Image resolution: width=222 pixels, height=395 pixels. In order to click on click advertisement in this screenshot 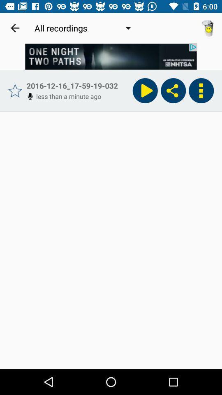, I will do `click(111, 56)`.